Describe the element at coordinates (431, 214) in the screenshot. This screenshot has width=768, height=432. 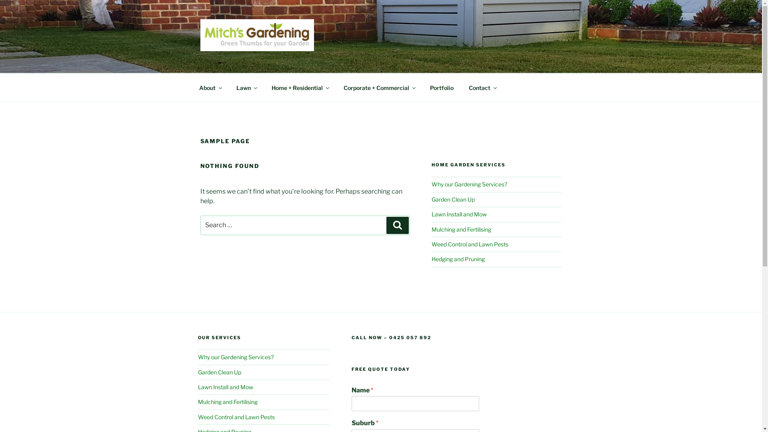
I see `'Lawn Install and Mow'` at that location.